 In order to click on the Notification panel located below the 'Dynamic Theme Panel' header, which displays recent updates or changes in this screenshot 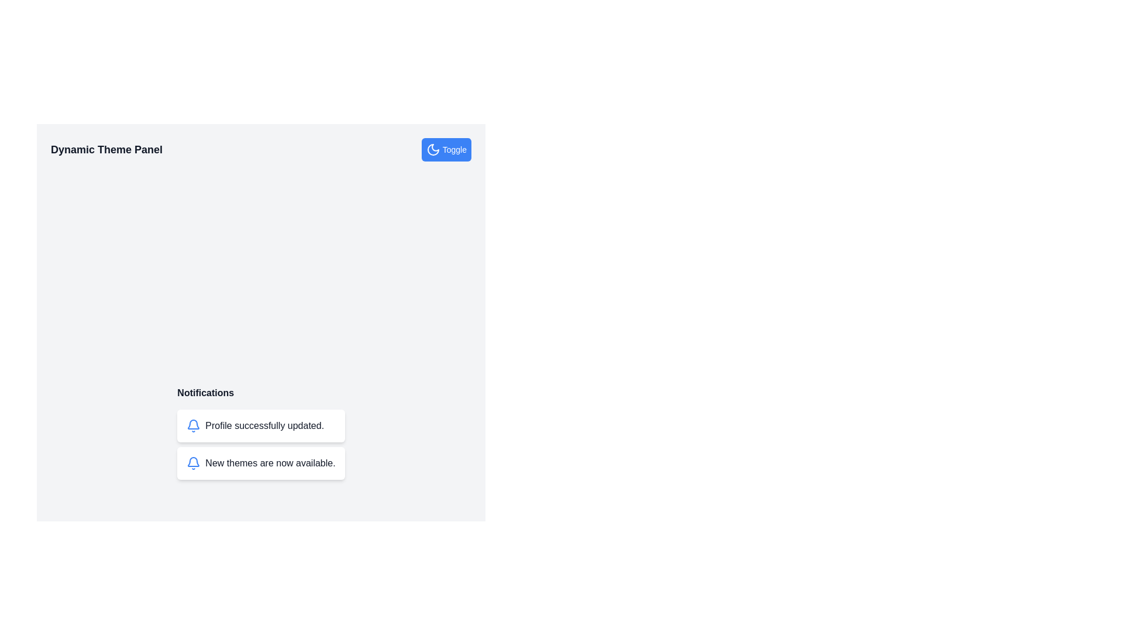, I will do `click(260, 433)`.